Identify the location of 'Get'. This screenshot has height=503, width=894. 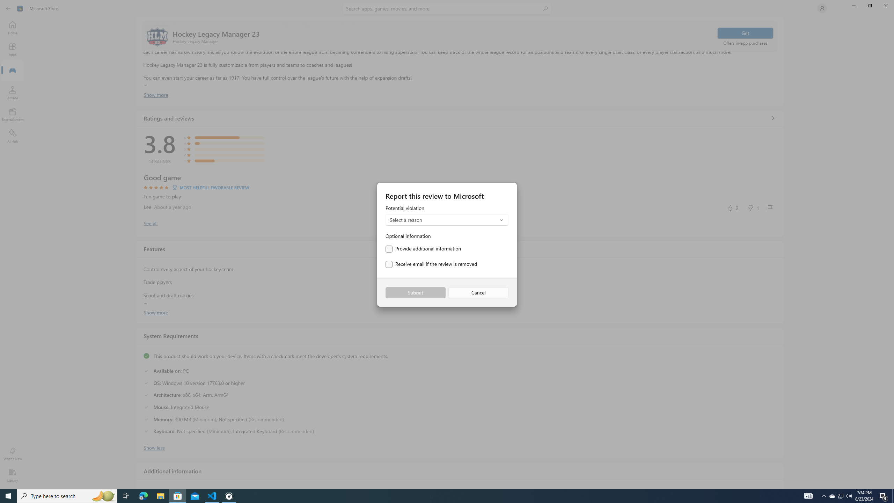
(745, 32).